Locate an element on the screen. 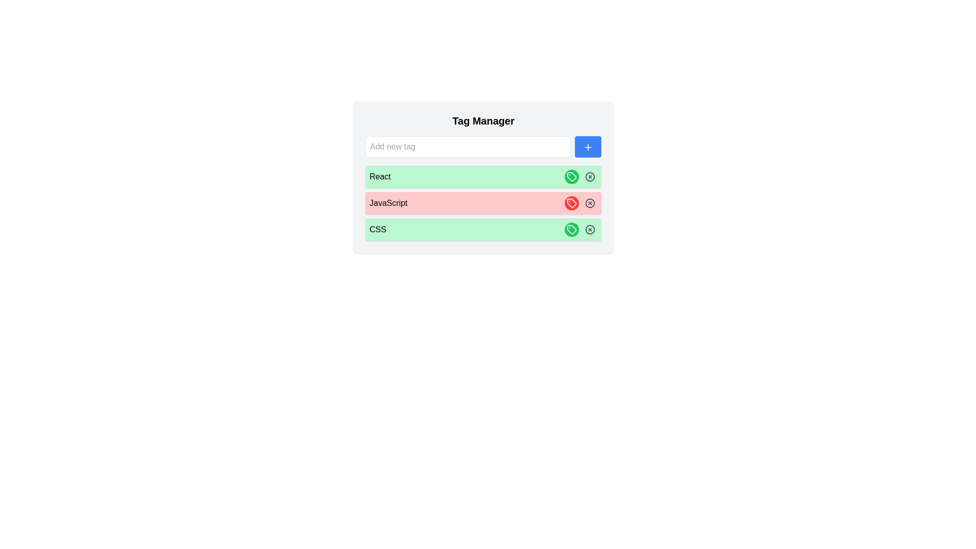 This screenshot has height=549, width=976. the tag labeled React is located at coordinates (571, 176).